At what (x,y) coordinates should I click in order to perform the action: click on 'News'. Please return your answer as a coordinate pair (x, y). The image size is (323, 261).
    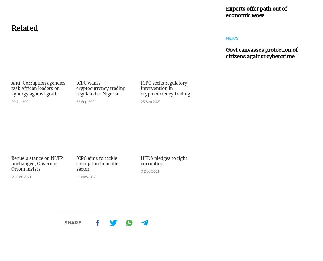
    Looking at the image, I should click on (232, 38).